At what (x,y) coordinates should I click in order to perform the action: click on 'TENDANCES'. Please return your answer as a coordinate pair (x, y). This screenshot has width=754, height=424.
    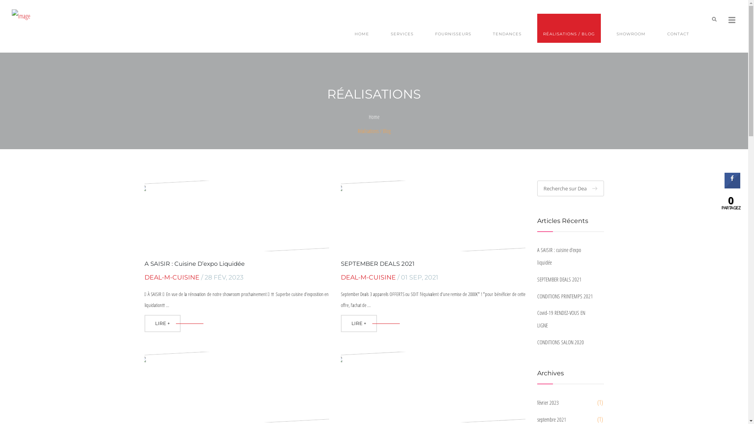
    Looking at the image, I should click on (507, 28).